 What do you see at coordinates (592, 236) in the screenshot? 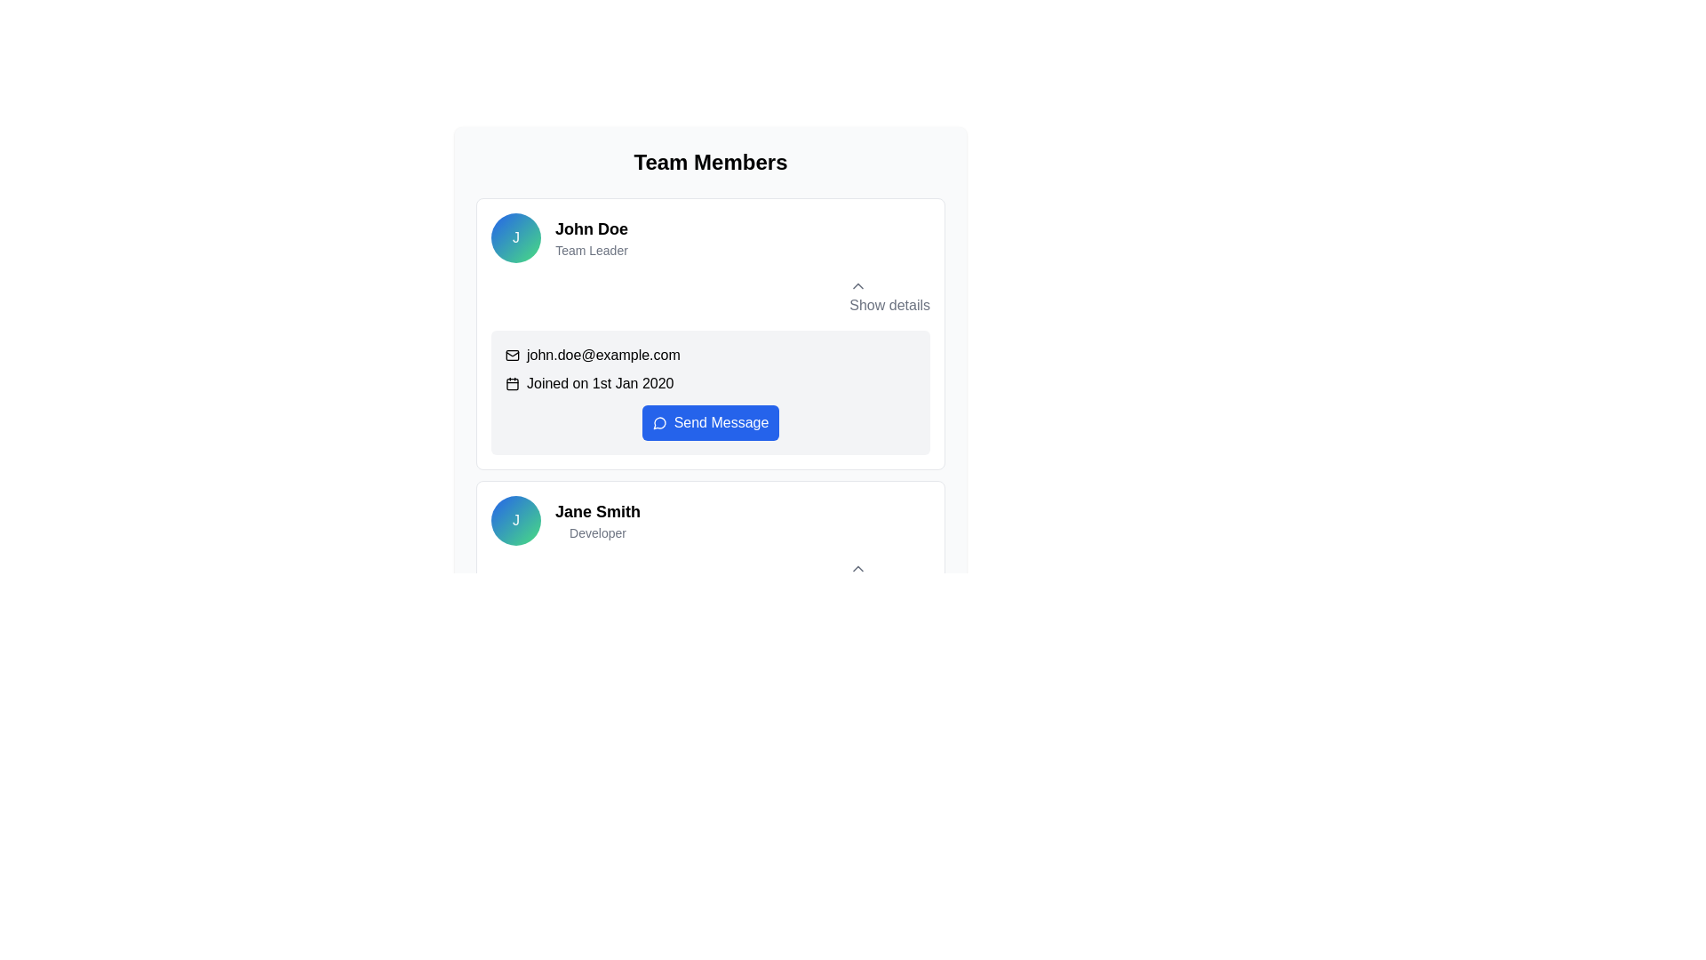
I see `the text element displaying the name and role ('Team Leader') of a team member located under the 'Team Members' section` at bounding box center [592, 236].